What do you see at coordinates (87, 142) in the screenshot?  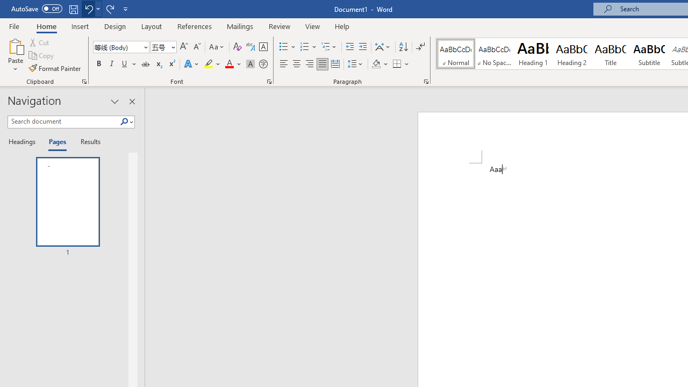 I see `'Results'` at bounding box center [87, 142].